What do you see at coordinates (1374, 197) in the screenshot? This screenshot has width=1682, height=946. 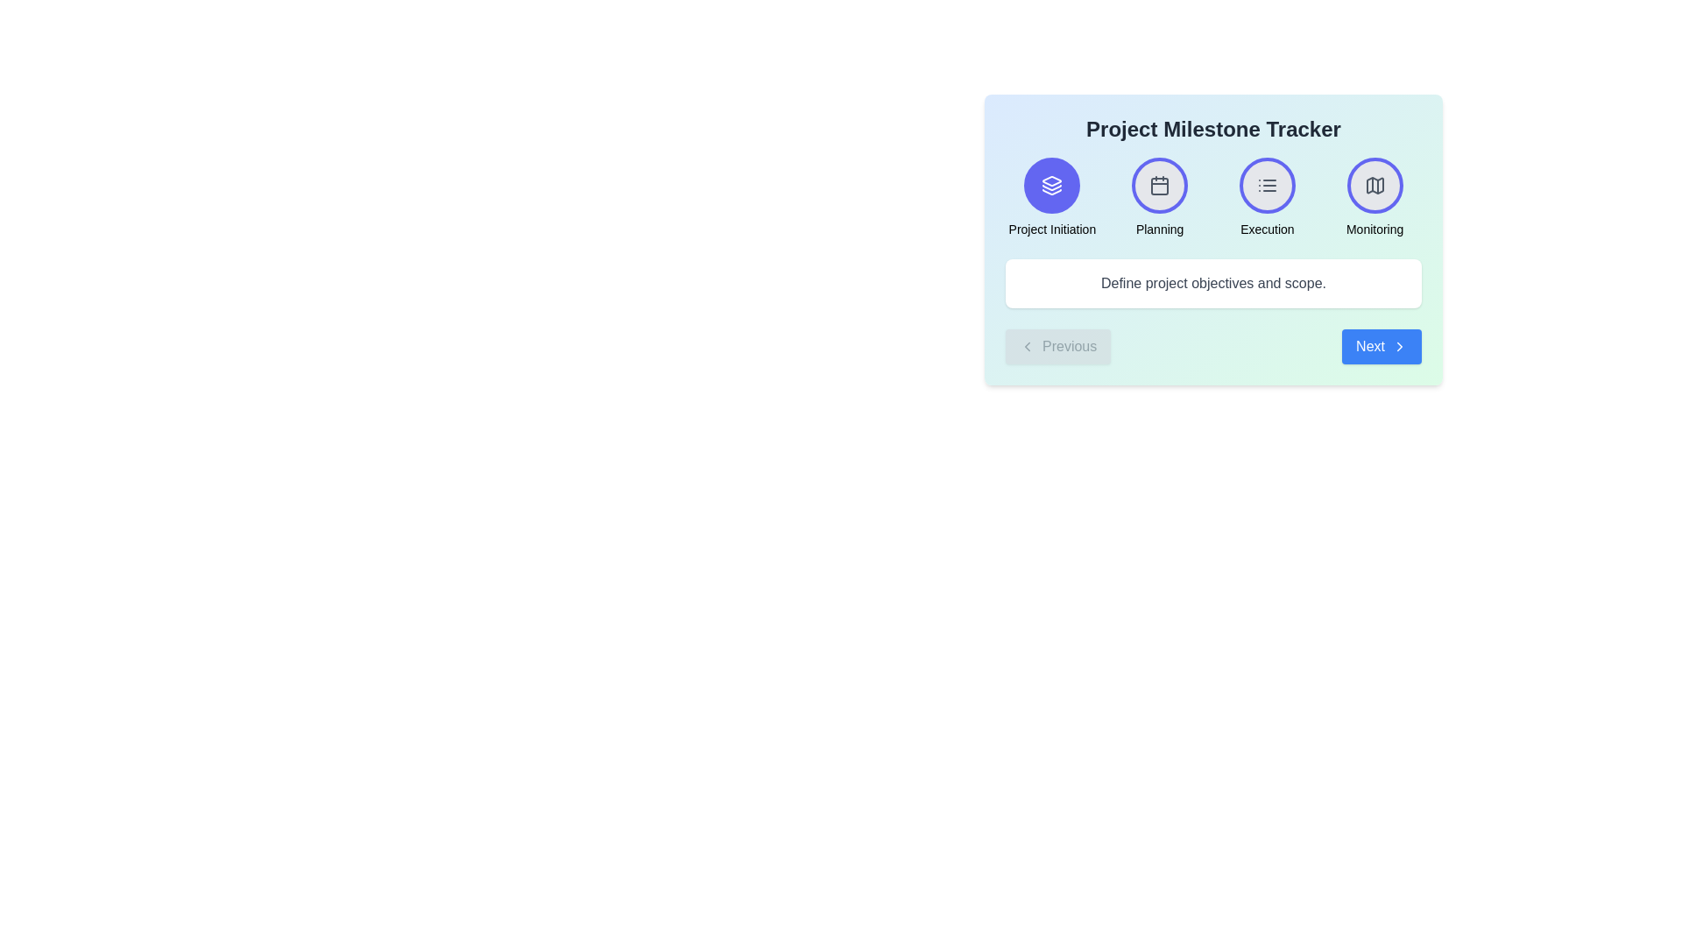 I see `the 'Monitoring' phase clickable card in the project milestone tracker` at bounding box center [1374, 197].